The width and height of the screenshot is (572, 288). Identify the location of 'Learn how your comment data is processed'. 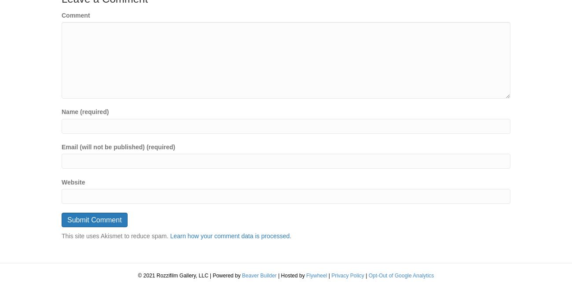
(229, 236).